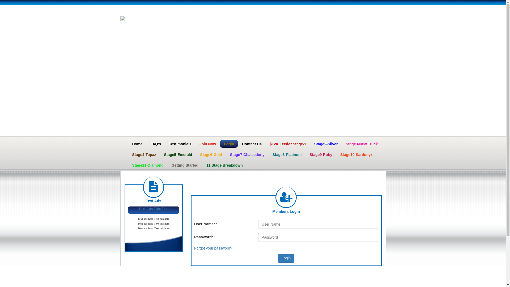  I want to click on 'Stage3-New Truck', so click(362, 143).